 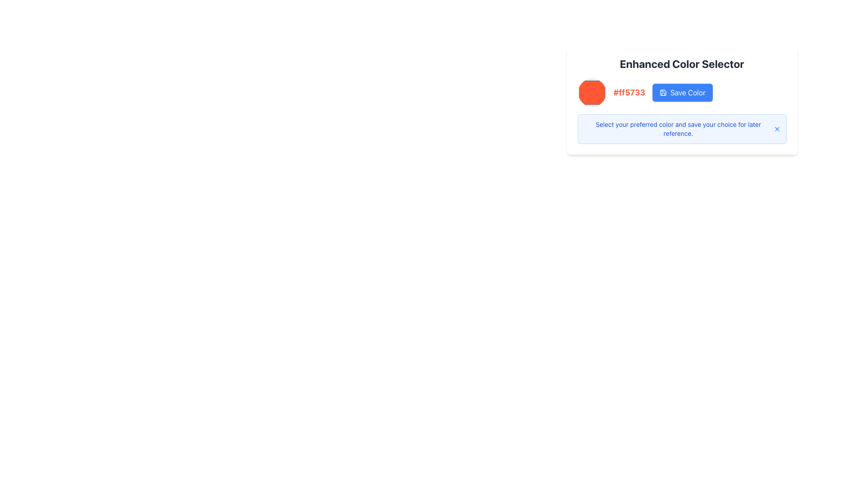 I want to click on the informational message box located below the 'Save Color' button, which provides guidance on selecting and saving a preferred color, so click(x=682, y=129).